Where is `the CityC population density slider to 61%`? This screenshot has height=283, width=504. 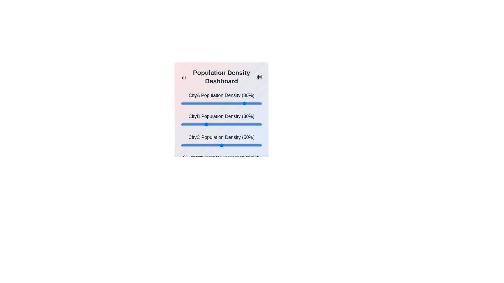
the CityC population density slider to 61% is located at coordinates (230, 145).